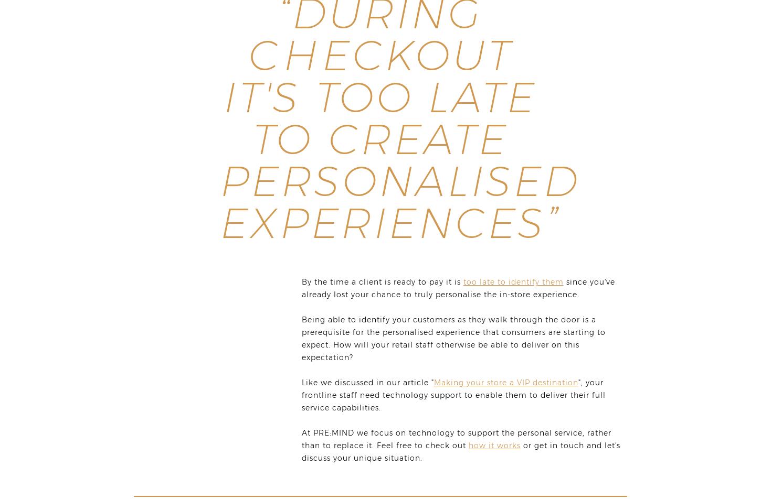 Image resolution: width=761 pixels, height=499 pixels. What do you see at coordinates (367, 382) in the screenshot?
I see `'Like we discussed in our article "'` at bounding box center [367, 382].